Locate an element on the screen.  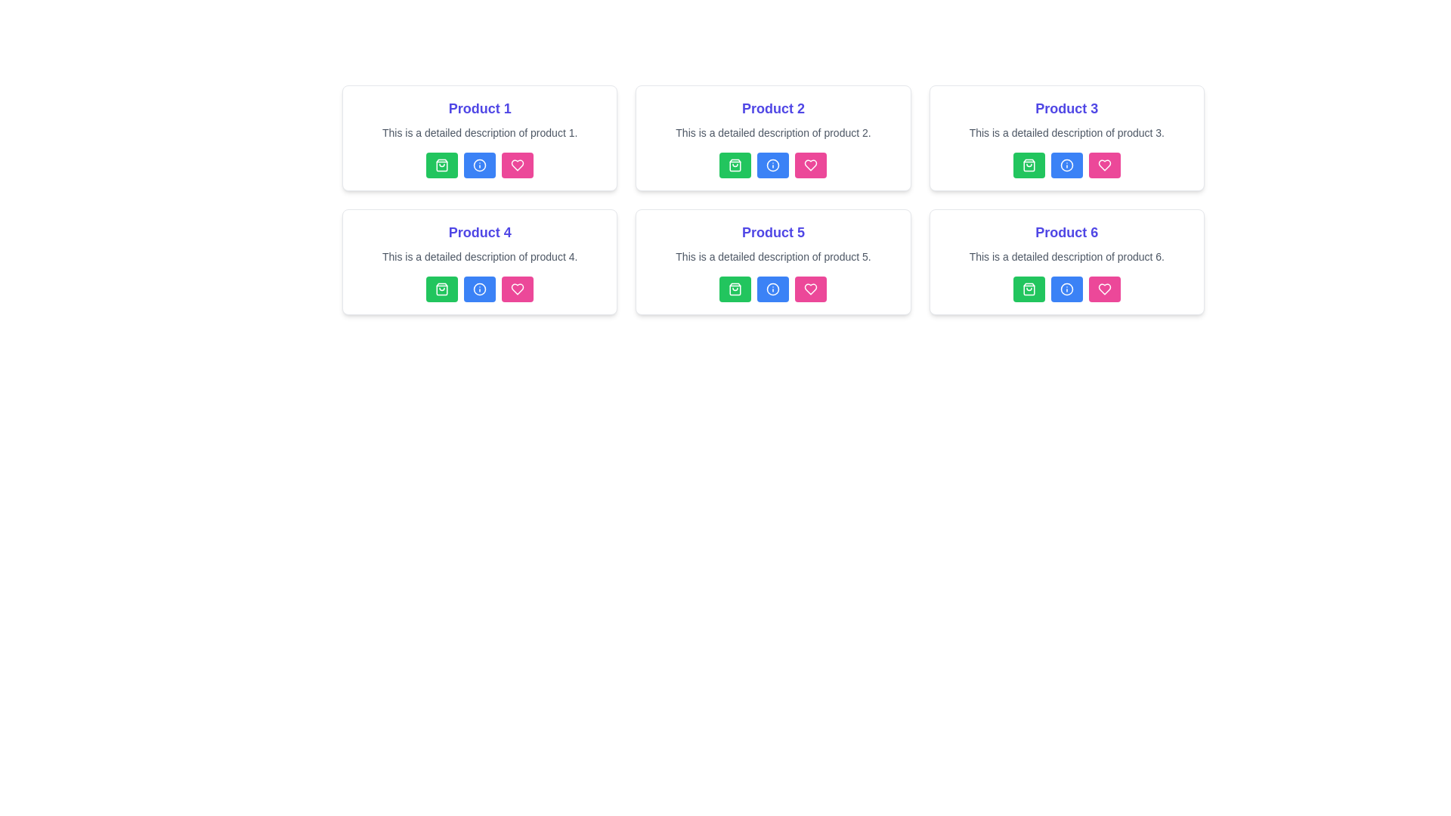
the compact shopping bag icon button with a green background and white border, located below the product description for 'Product 2' is located at coordinates (735, 165).